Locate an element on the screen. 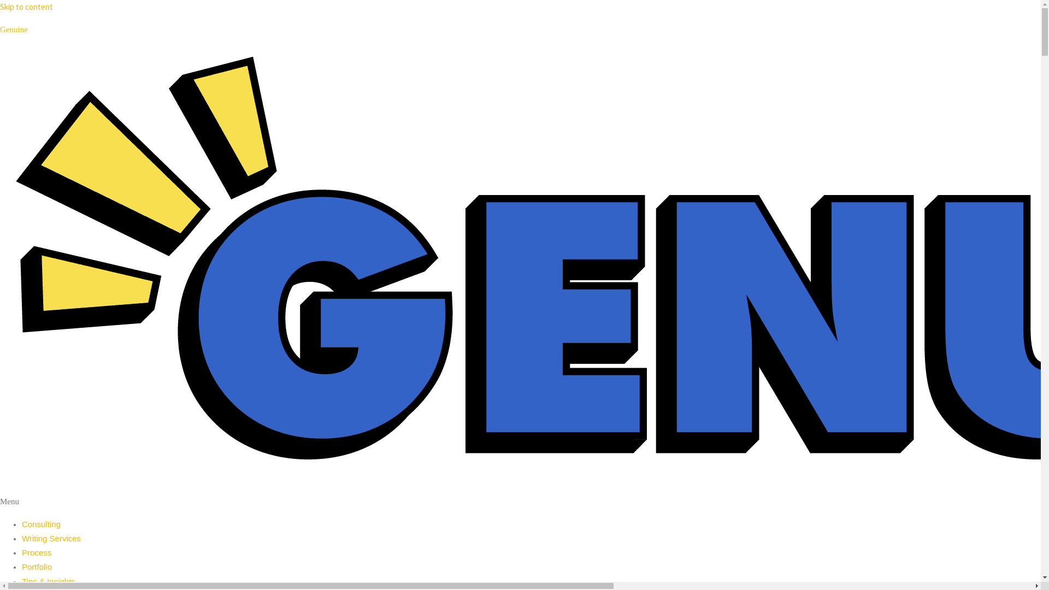 This screenshot has width=1049, height=590. 'Consulting' is located at coordinates (21, 523).